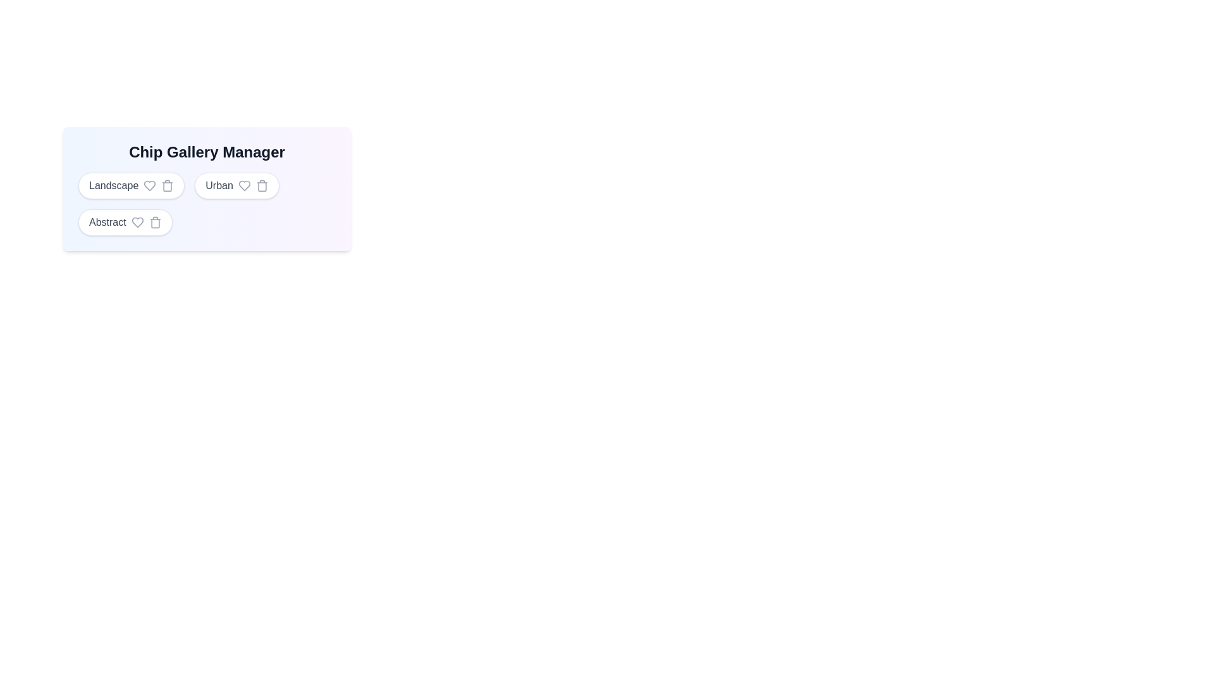 This screenshot has width=1214, height=683. I want to click on the trash icon next to the chip labeled Landscape, so click(167, 185).